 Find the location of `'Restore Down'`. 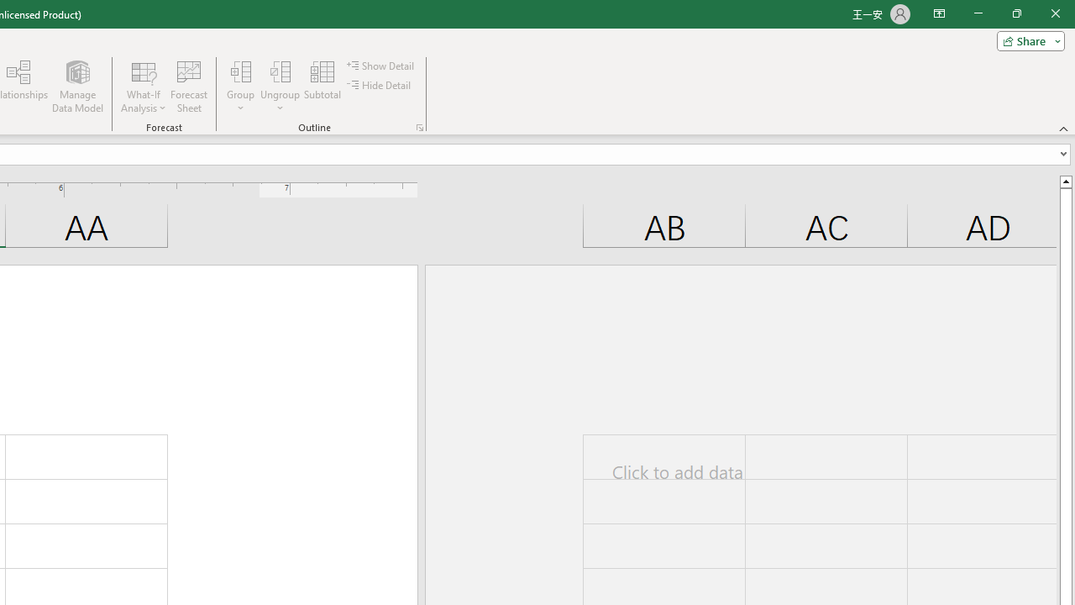

'Restore Down' is located at coordinates (1015, 13).